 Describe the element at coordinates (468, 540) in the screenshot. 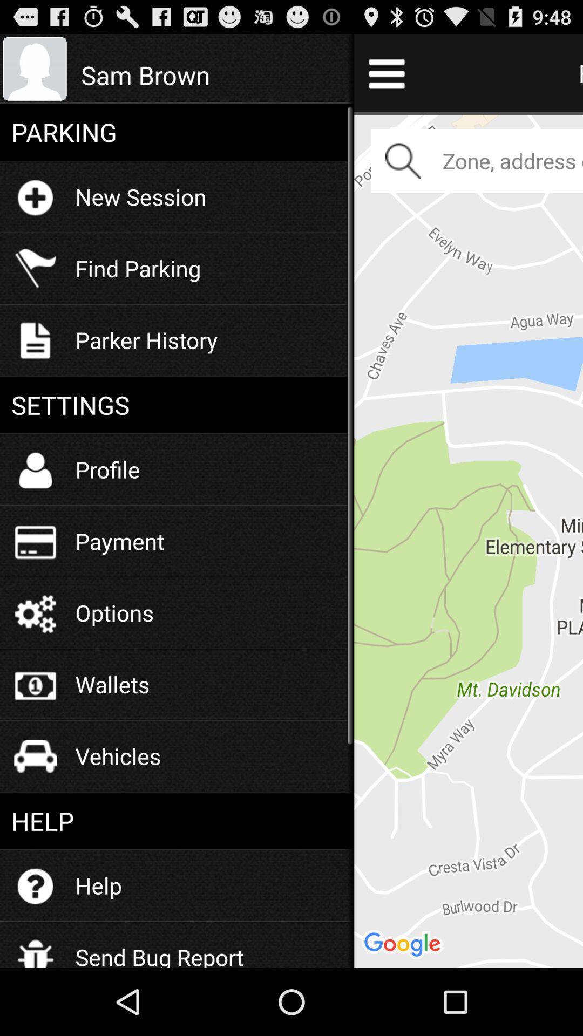

I see `icon to the right of sam` at that location.